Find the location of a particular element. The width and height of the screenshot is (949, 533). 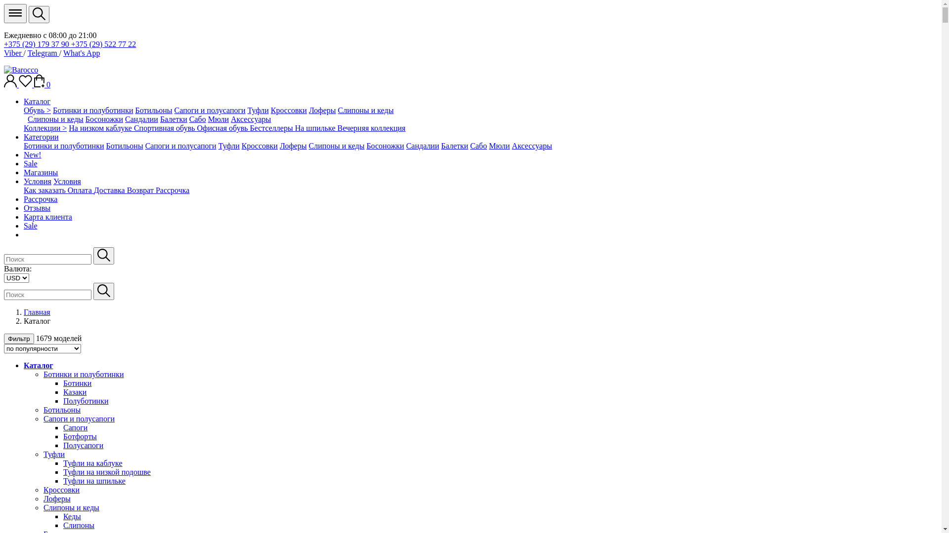

'Viber' is located at coordinates (13, 53).